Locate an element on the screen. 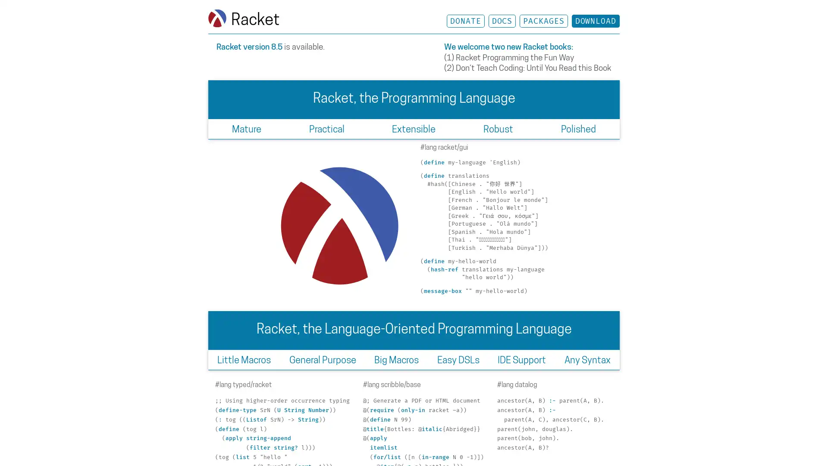 The height and width of the screenshot is (466, 828). Polished is located at coordinates (578, 129).